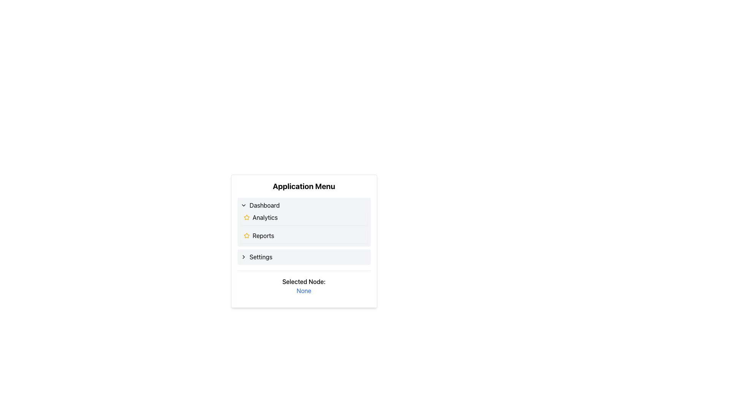  What do you see at coordinates (303, 257) in the screenshot?
I see `the 'Settings' menu item located at the bottom of the vertical menu, which includes 'Dashboard,' 'Analytics,' 'Reports,' and 'Settings' for highlighting` at bounding box center [303, 257].